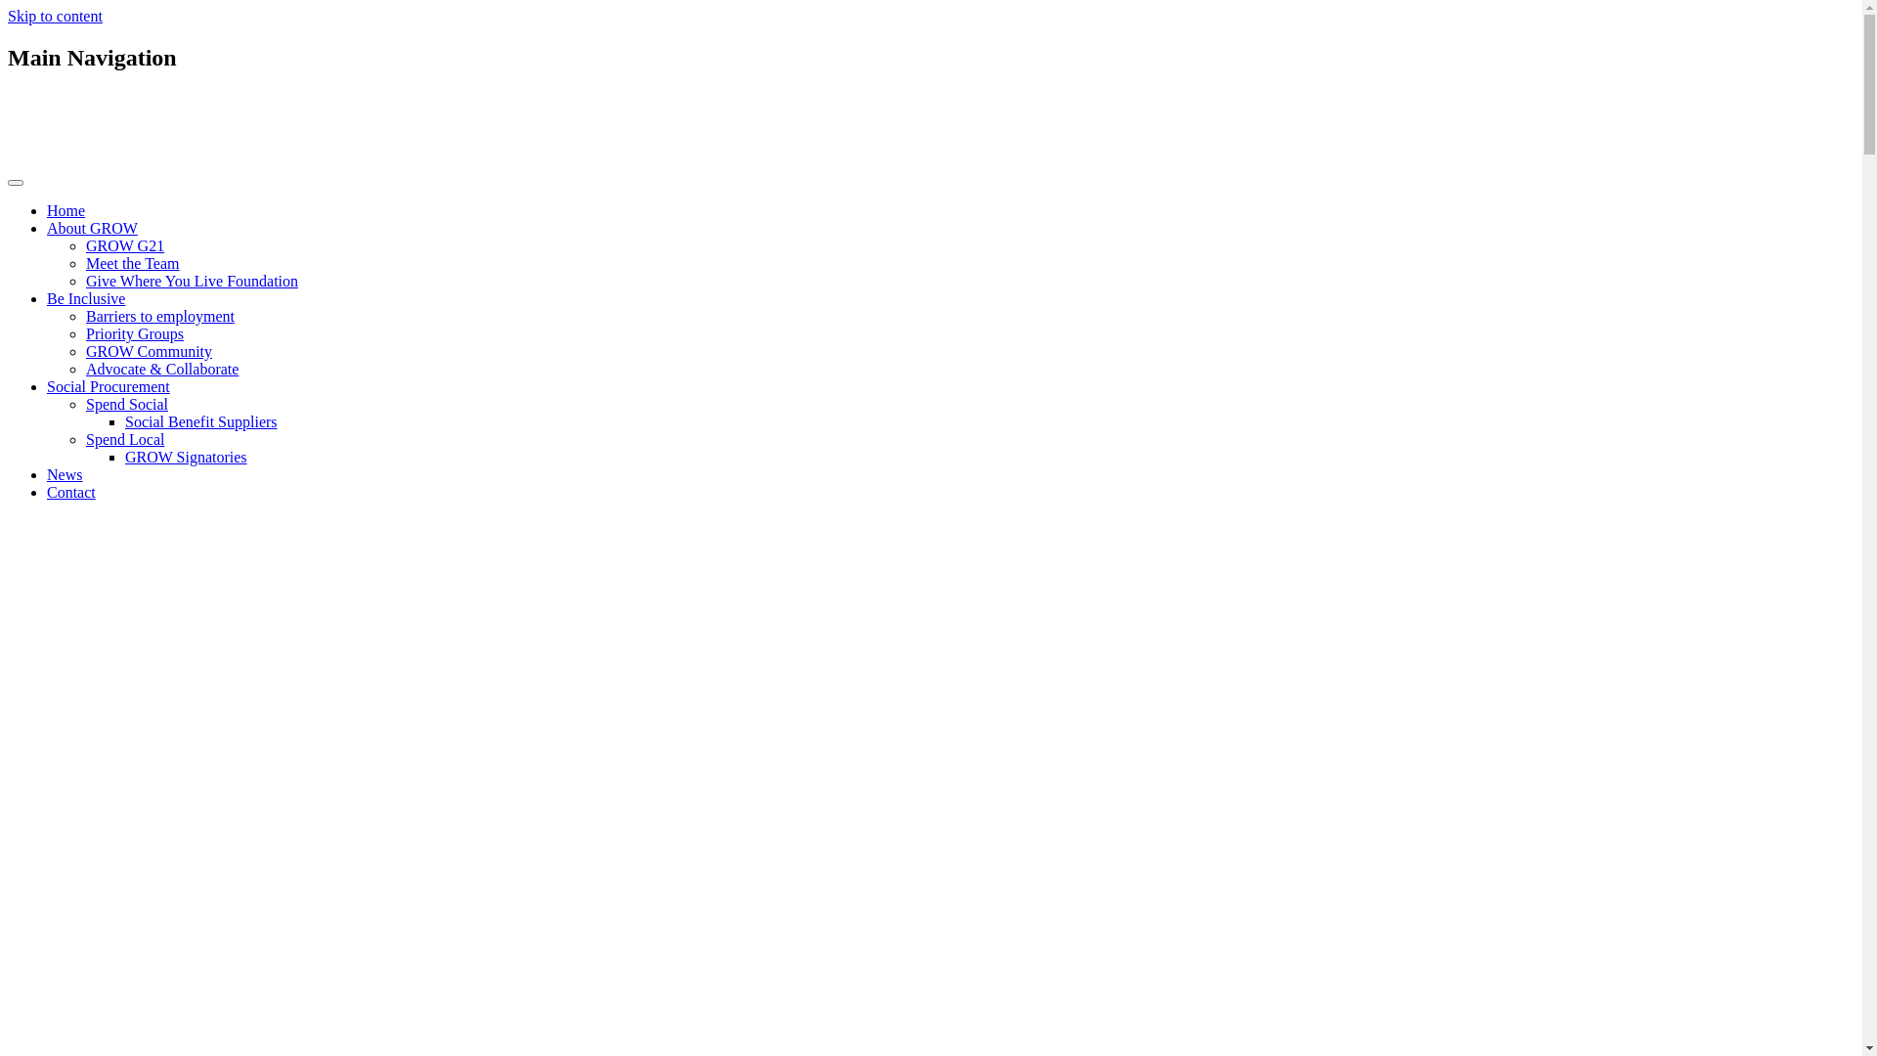  What do you see at coordinates (148, 350) in the screenshot?
I see `'GROW Community'` at bounding box center [148, 350].